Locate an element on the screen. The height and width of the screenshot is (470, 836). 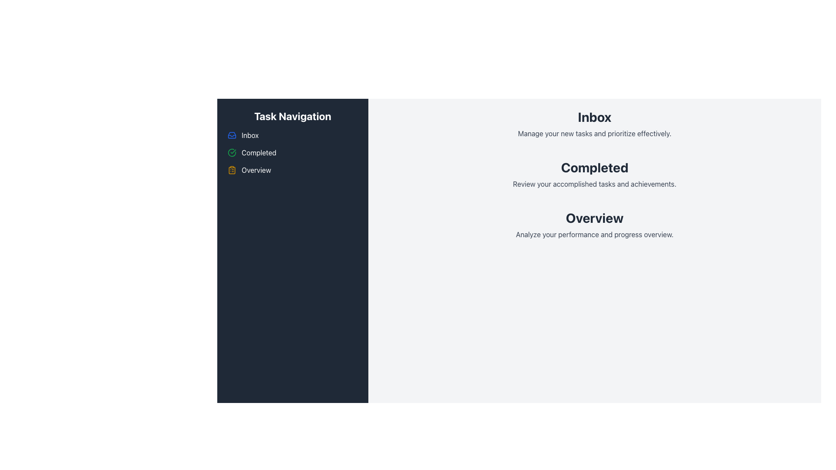
the Text Label that serves as the title for the left-hand navigation panel, positioned above the navigation links is located at coordinates (293, 115).